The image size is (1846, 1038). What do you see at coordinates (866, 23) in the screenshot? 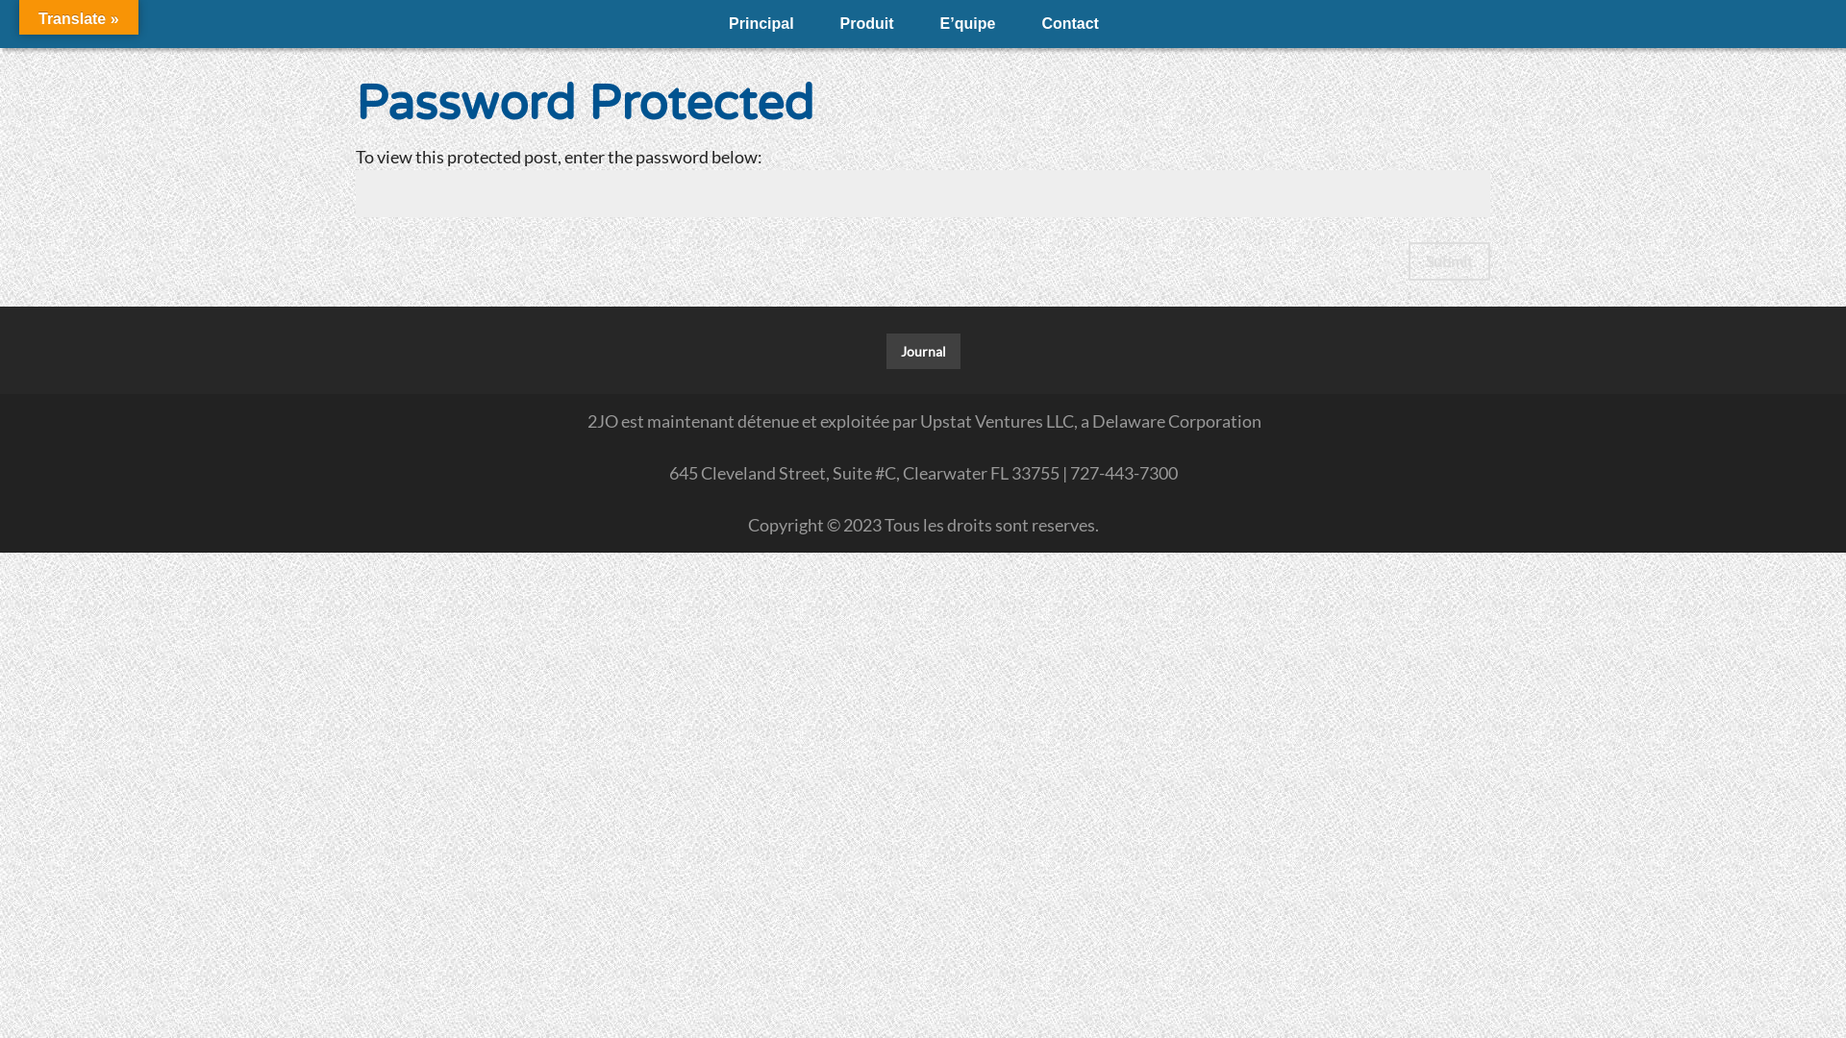
I see `'Produit'` at bounding box center [866, 23].